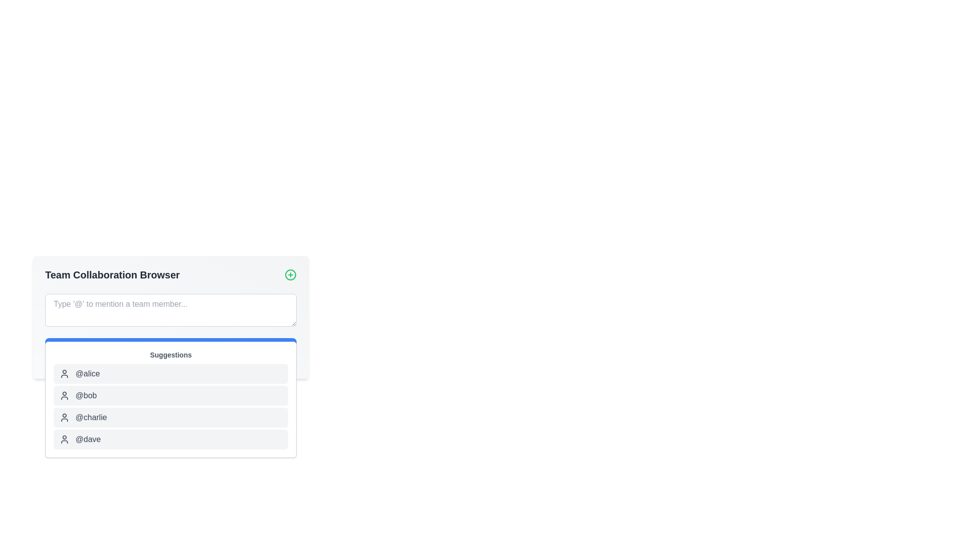  What do you see at coordinates (290, 274) in the screenshot?
I see `the circular green outlined icon with a plus symbol (+) located to the right of the 'Team Collaboration Browser' header text` at bounding box center [290, 274].